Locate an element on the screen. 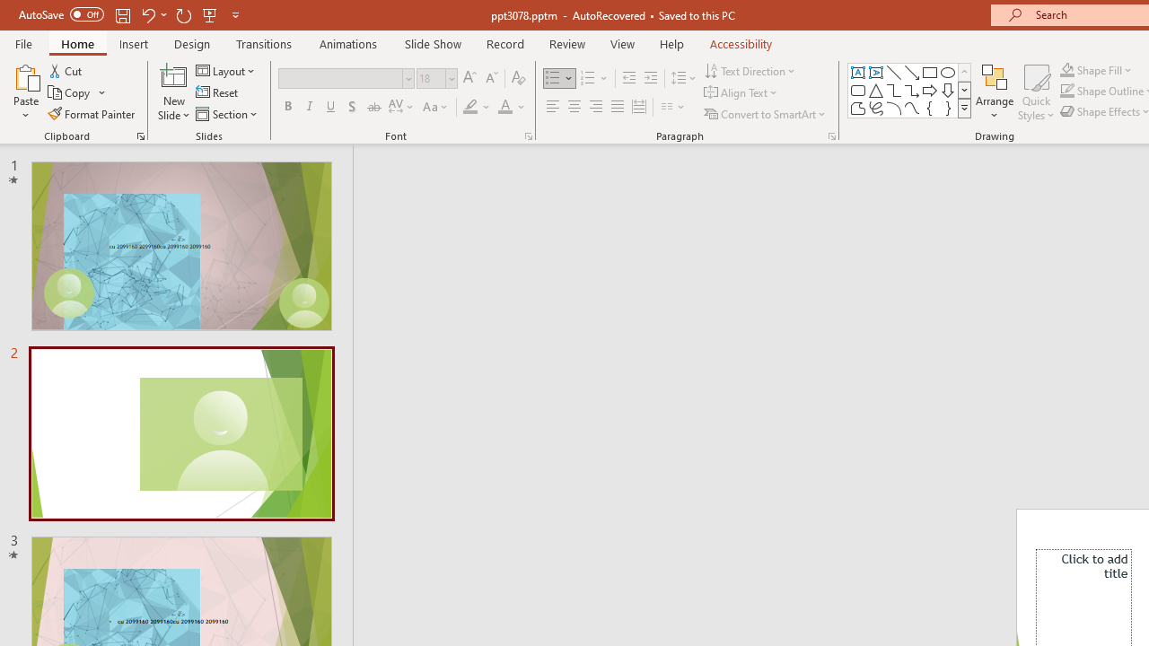  'Left Brace' is located at coordinates (930, 108).